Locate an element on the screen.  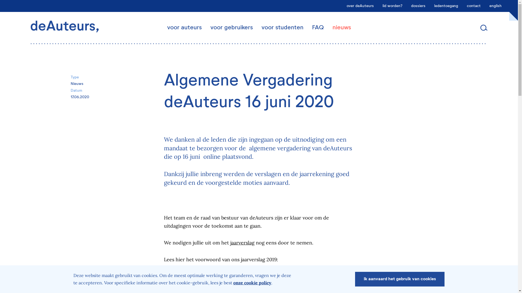
'Ik aanvaard het gebruik van cookies' is located at coordinates (400, 279).